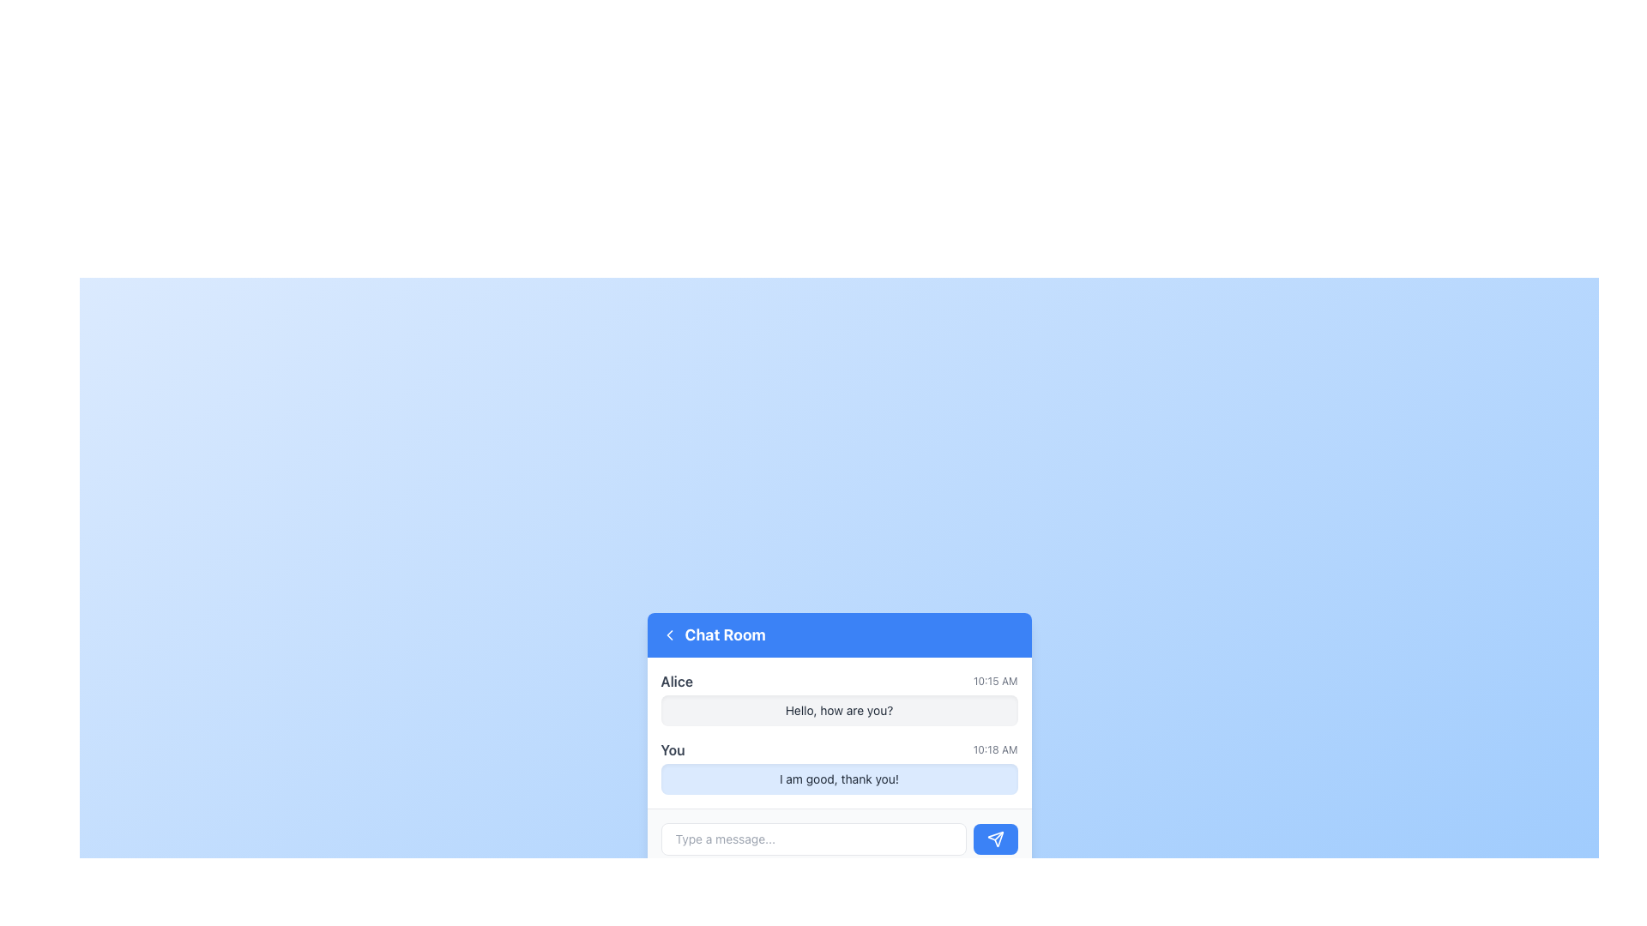  Describe the element at coordinates (995, 680) in the screenshot. I see `the time label indicating when Alice sent her message in the chat room interface` at that location.